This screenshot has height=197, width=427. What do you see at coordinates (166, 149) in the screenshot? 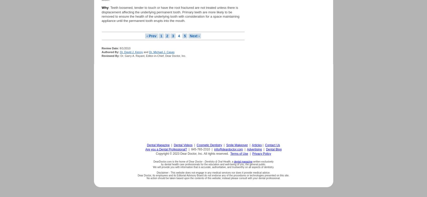
I see `'Are you a Dental Professional?'` at bounding box center [166, 149].